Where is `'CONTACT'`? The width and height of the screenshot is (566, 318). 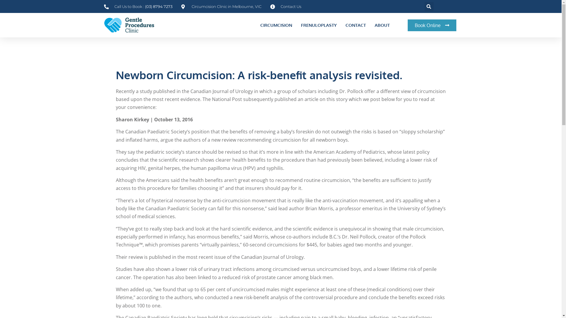 'CONTACT' is located at coordinates (341, 25).